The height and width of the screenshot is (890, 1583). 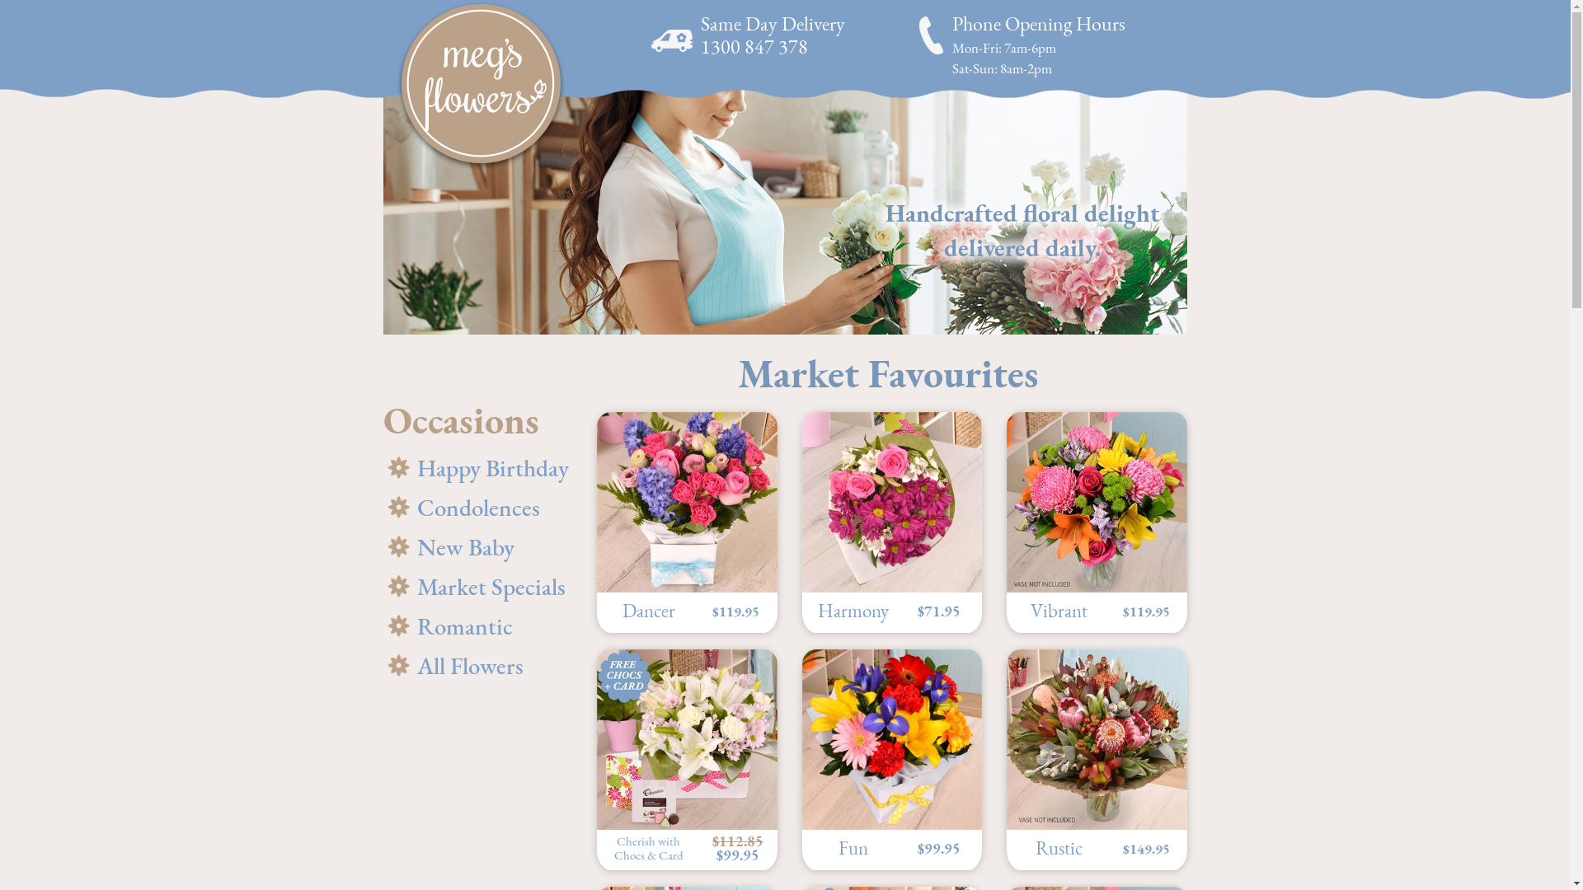 I want to click on 'Happy Birthday', so click(x=477, y=468).